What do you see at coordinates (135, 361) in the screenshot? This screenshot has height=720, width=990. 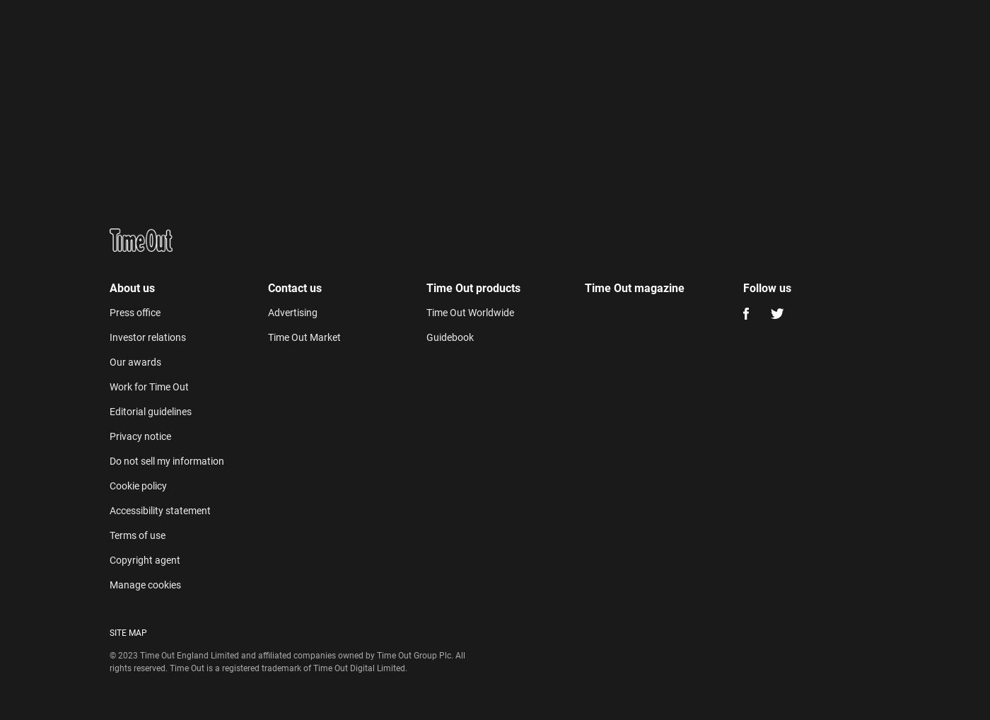 I see `'Our awards'` at bounding box center [135, 361].